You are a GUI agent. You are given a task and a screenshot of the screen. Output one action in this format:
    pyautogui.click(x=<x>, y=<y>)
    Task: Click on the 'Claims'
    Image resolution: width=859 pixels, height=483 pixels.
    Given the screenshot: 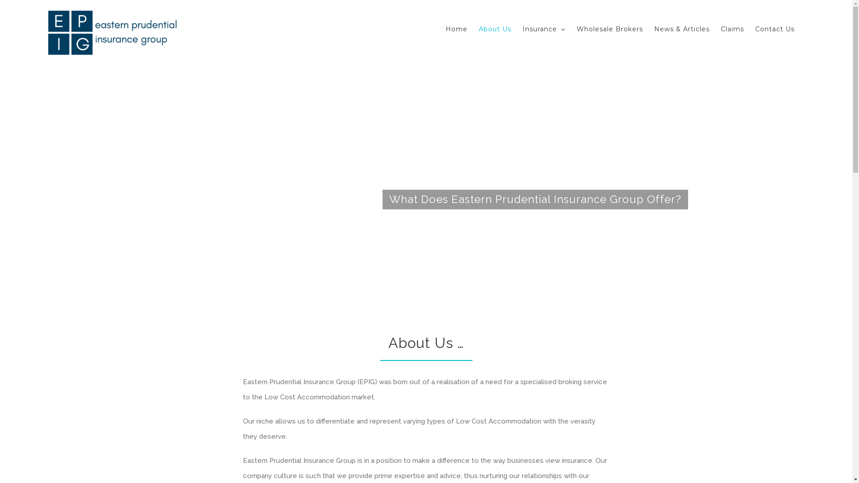 What is the action you would take?
    pyautogui.click(x=732, y=29)
    